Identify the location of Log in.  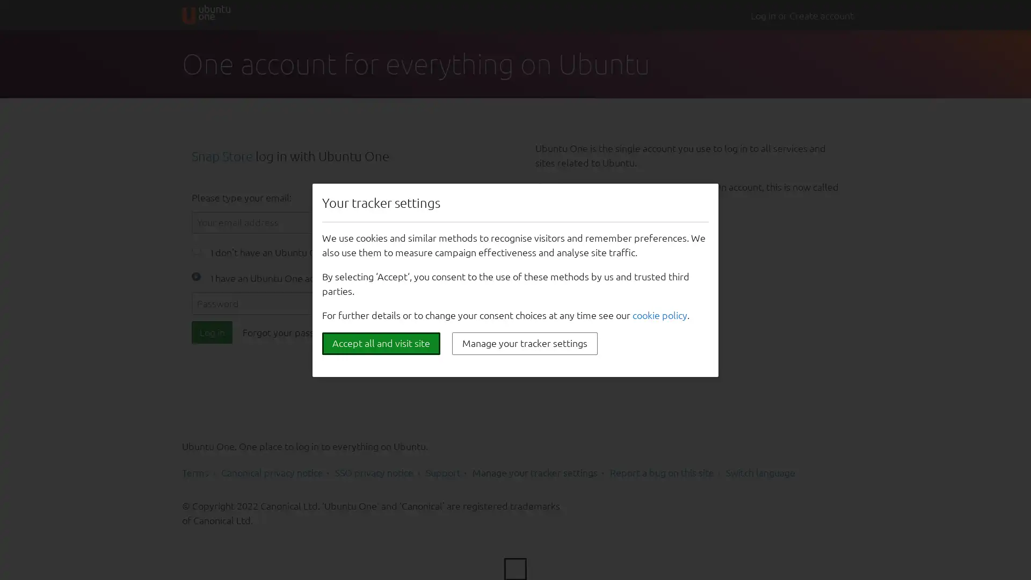
(212, 331).